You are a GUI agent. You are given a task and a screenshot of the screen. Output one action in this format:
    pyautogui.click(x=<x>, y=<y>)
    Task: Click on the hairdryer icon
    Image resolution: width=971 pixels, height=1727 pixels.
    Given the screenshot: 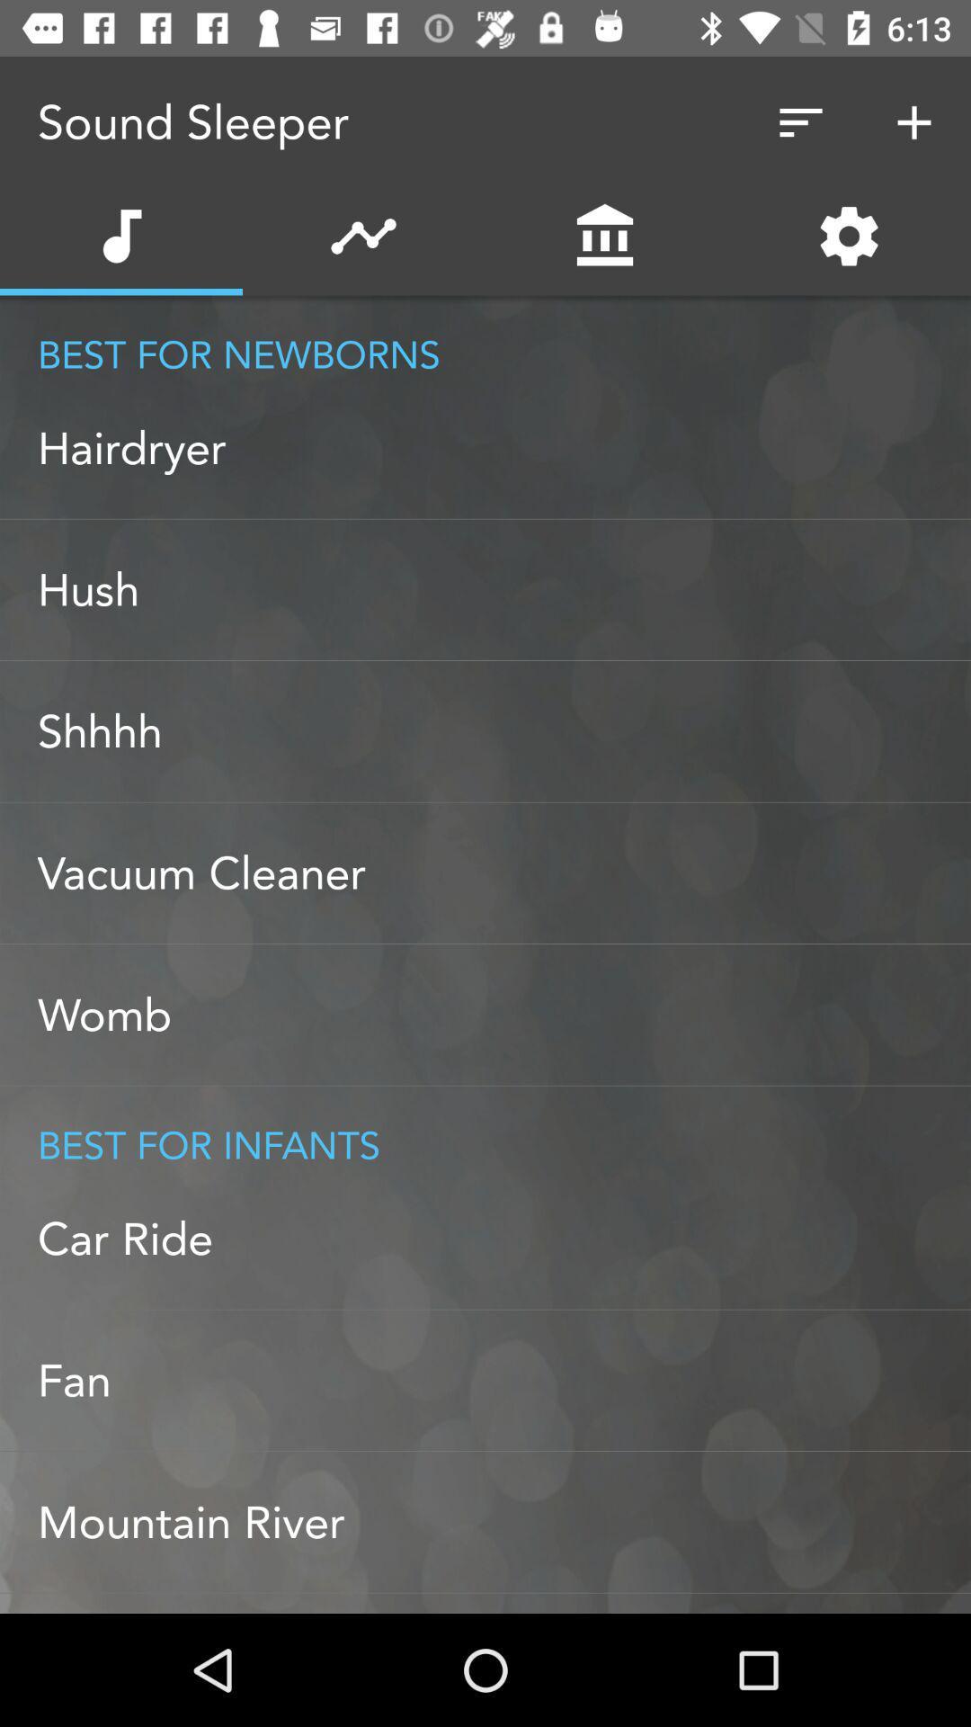 What is the action you would take?
    pyautogui.click(x=503, y=448)
    